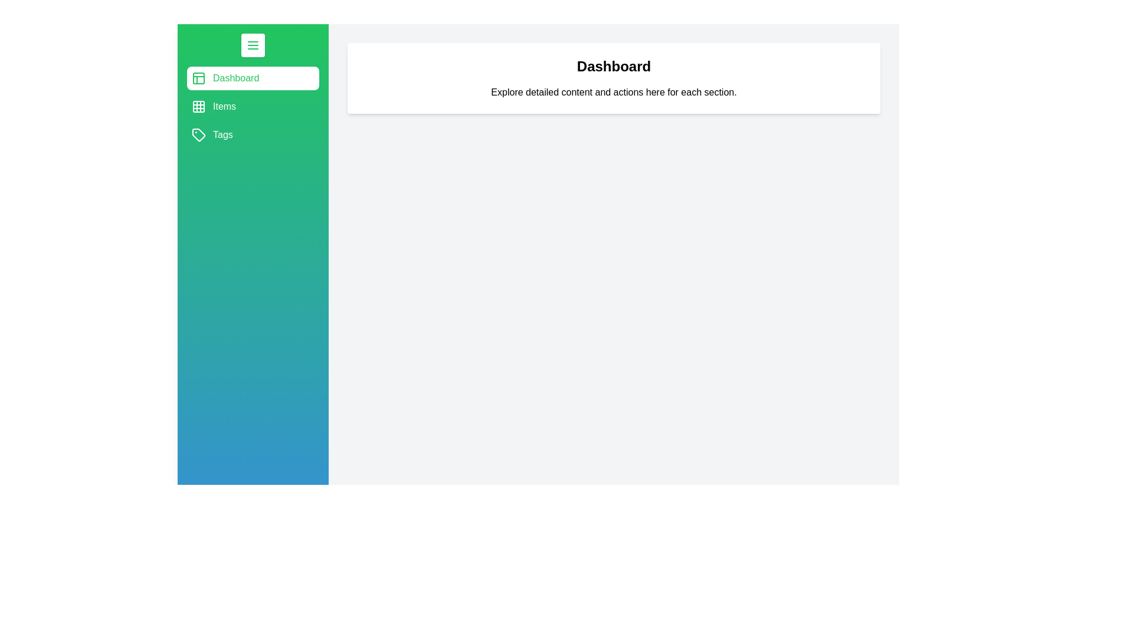  I want to click on the menu button to toggle the drawer visibility, so click(252, 45).